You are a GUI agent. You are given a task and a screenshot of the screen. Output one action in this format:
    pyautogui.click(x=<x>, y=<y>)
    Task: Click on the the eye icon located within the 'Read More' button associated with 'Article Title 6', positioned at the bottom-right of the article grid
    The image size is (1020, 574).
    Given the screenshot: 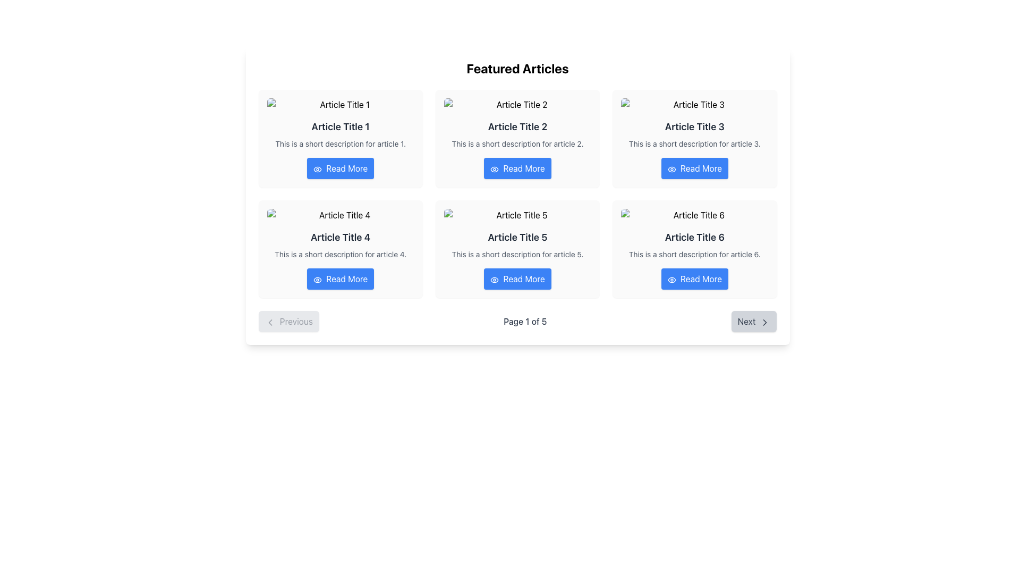 What is the action you would take?
    pyautogui.click(x=671, y=279)
    